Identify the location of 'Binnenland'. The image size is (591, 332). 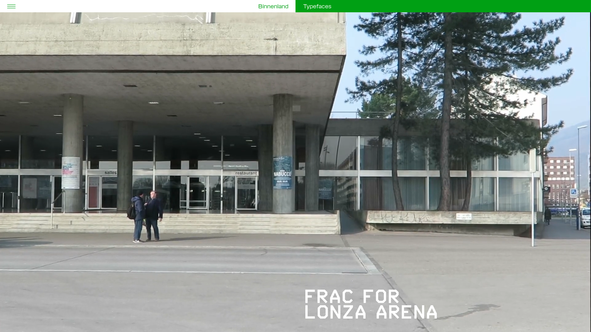
(273, 6).